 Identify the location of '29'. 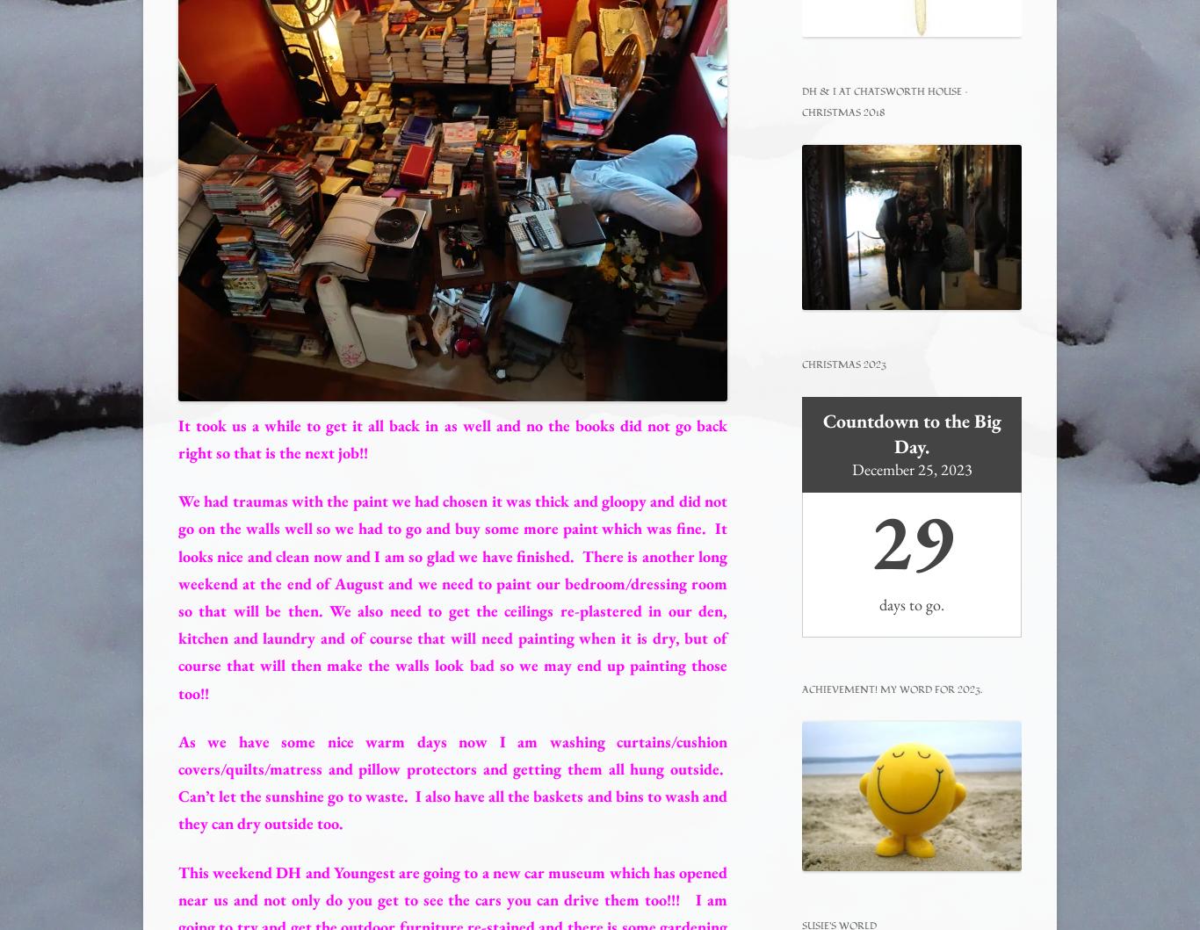
(911, 539).